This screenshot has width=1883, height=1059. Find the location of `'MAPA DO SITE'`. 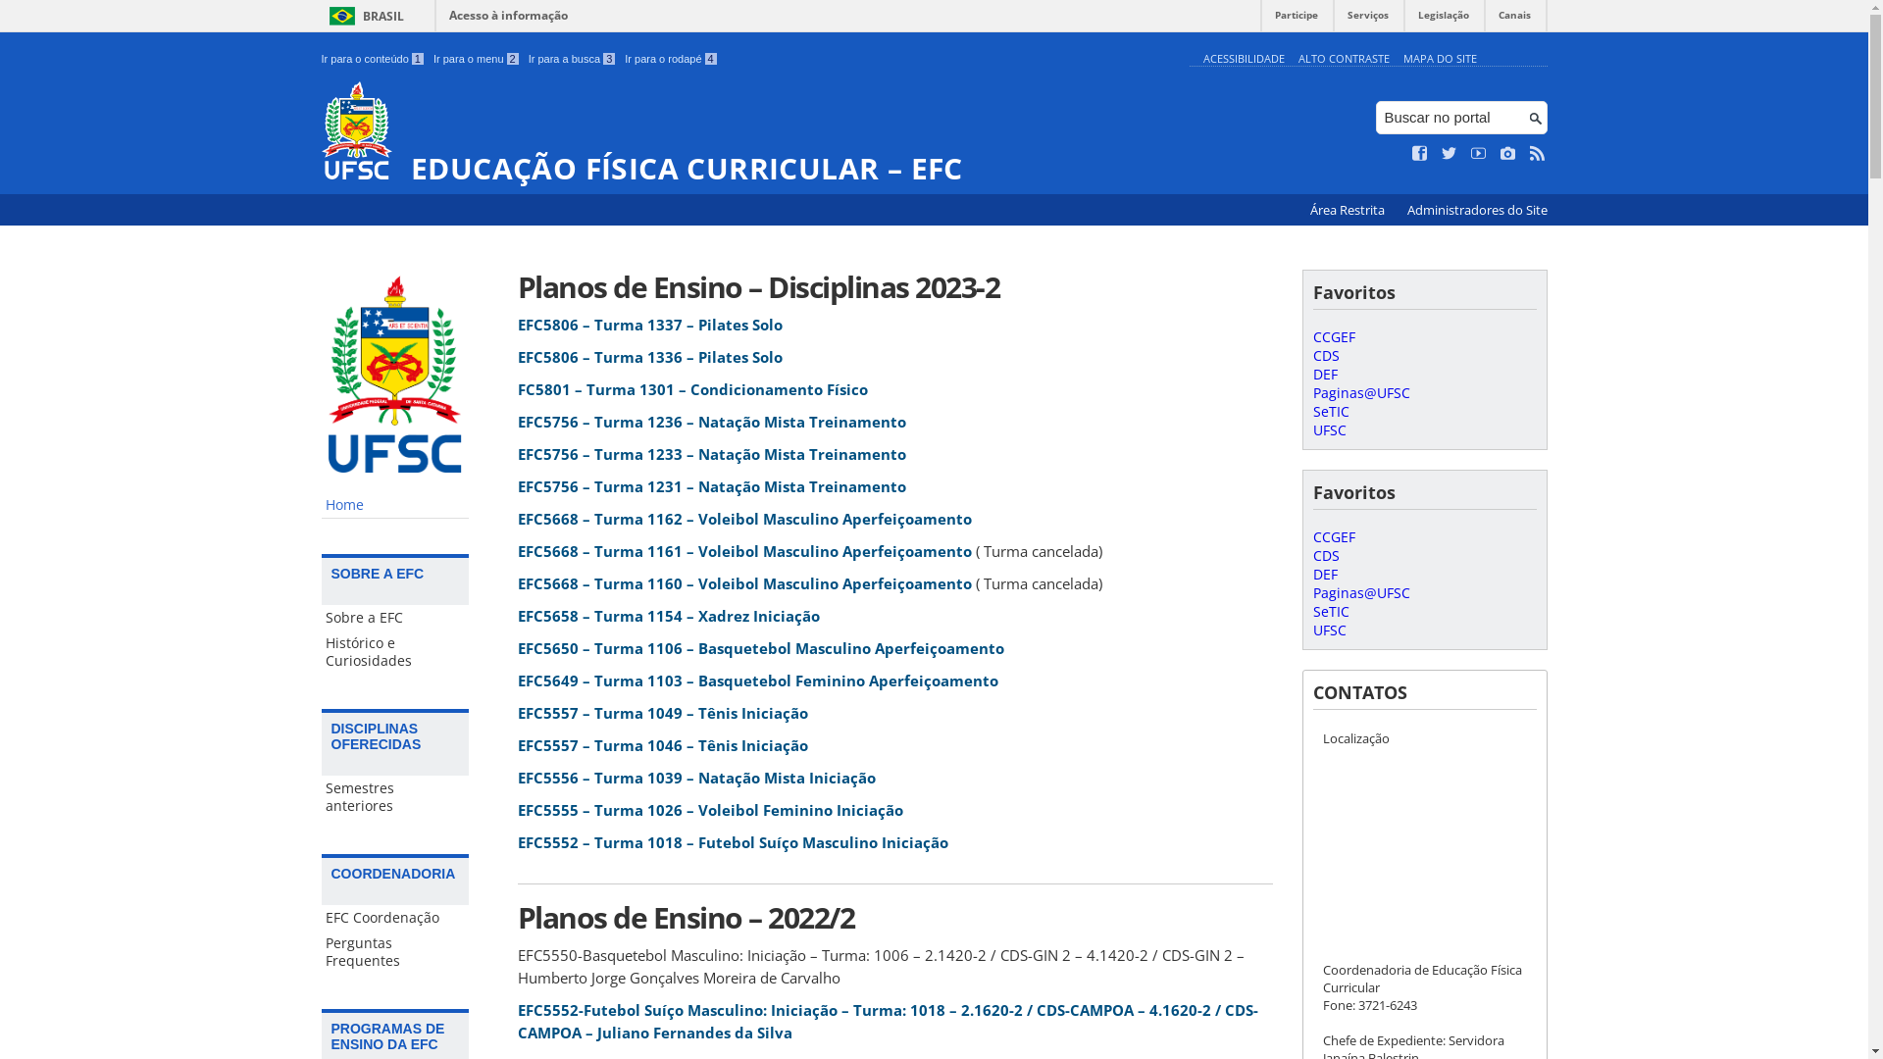

'MAPA DO SITE' is located at coordinates (1401, 57).